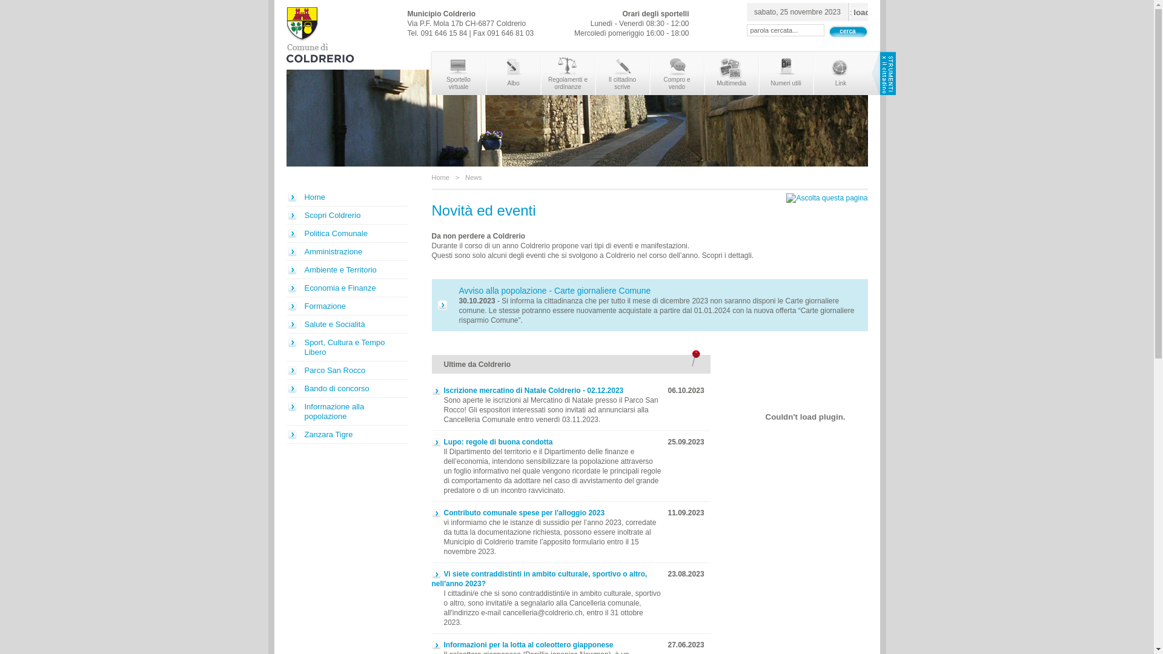  I want to click on 'cerca', so click(846, 30).